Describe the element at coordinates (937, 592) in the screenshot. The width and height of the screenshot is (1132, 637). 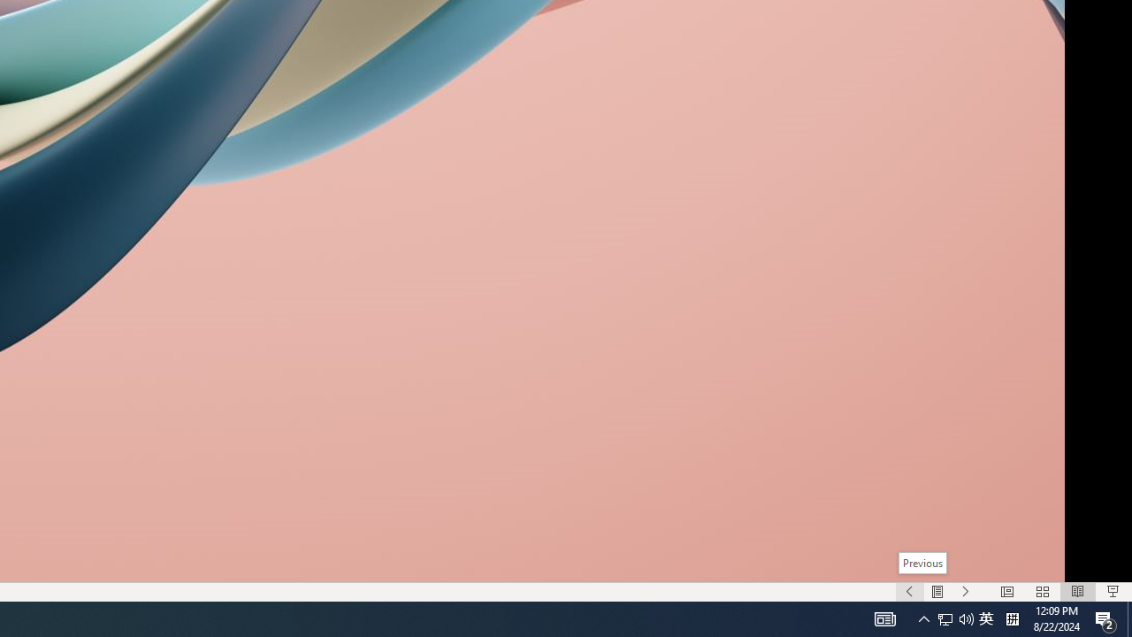
I see `'Menu On'` at that location.